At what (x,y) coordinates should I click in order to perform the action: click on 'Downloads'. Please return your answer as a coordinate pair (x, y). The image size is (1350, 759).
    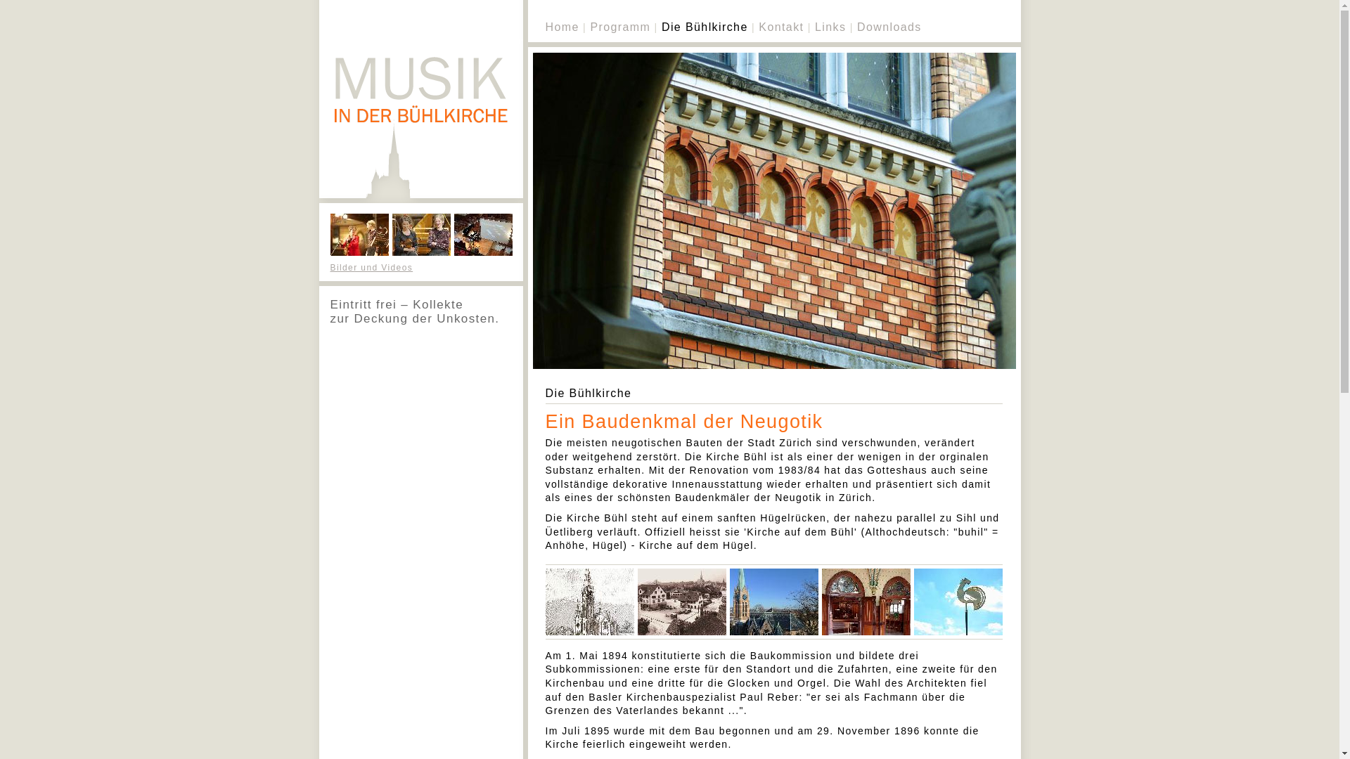
    Looking at the image, I should click on (889, 27).